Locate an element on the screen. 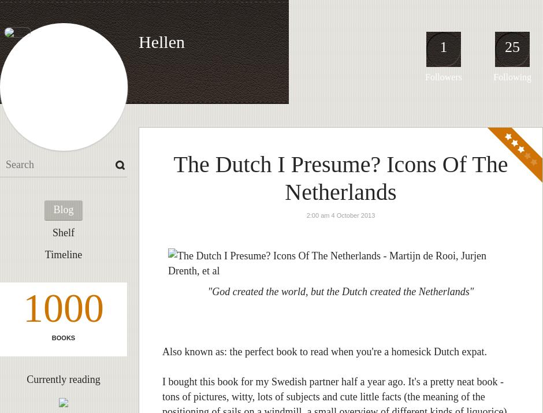 The width and height of the screenshot is (543, 413). '2:00 am 4 October 2013' is located at coordinates (340, 215).